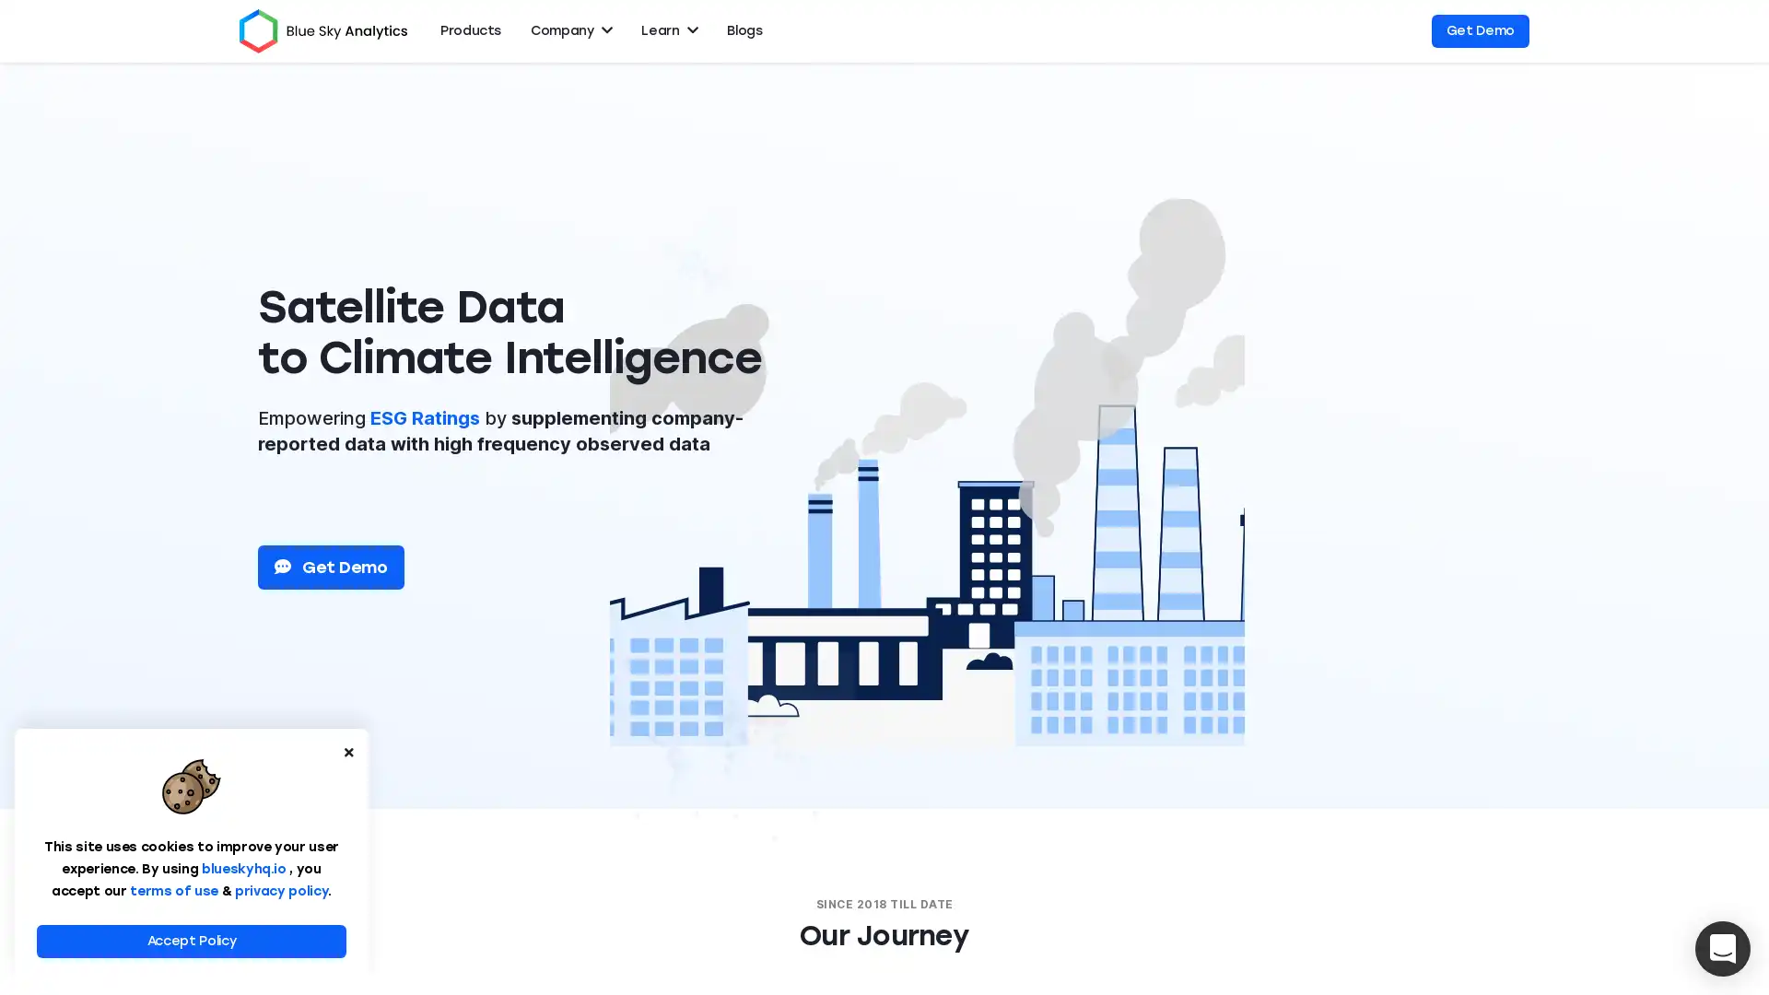 The width and height of the screenshot is (1769, 995). I want to click on Get Demo, so click(331, 567).